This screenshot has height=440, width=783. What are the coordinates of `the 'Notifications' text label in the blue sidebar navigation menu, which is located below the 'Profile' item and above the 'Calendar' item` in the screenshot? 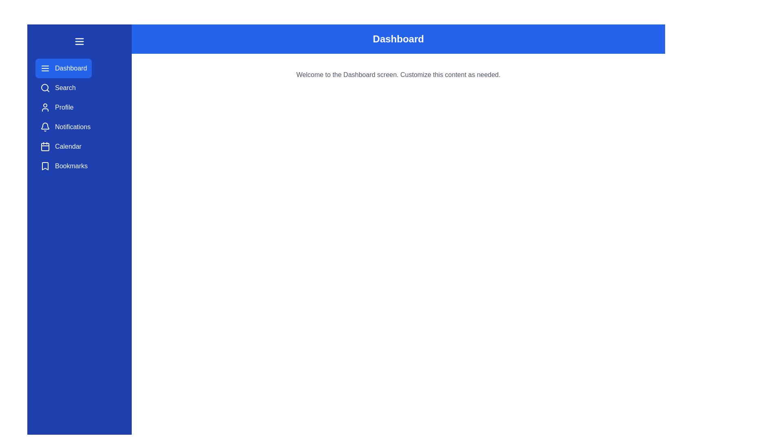 It's located at (73, 127).